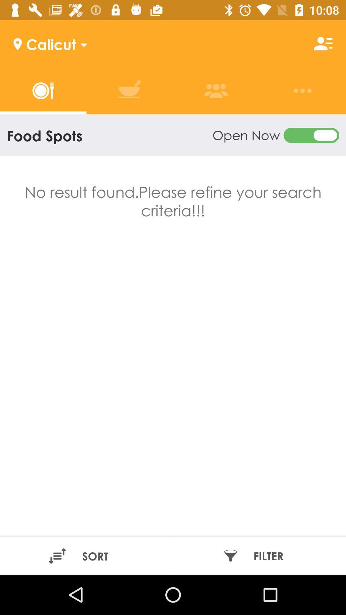 The height and width of the screenshot is (615, 346). Describe the element at coordinates (275, 135) in the screenshot. I see `the button in the top` at that location.